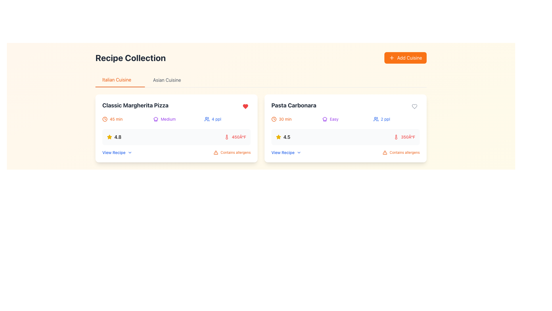 The width and height of the screenshot is (552, 311). Describe the element at coordinates (170, 80) in the screenshot. I see `the clickable text element for 'Asian Cuisine'` at that location.